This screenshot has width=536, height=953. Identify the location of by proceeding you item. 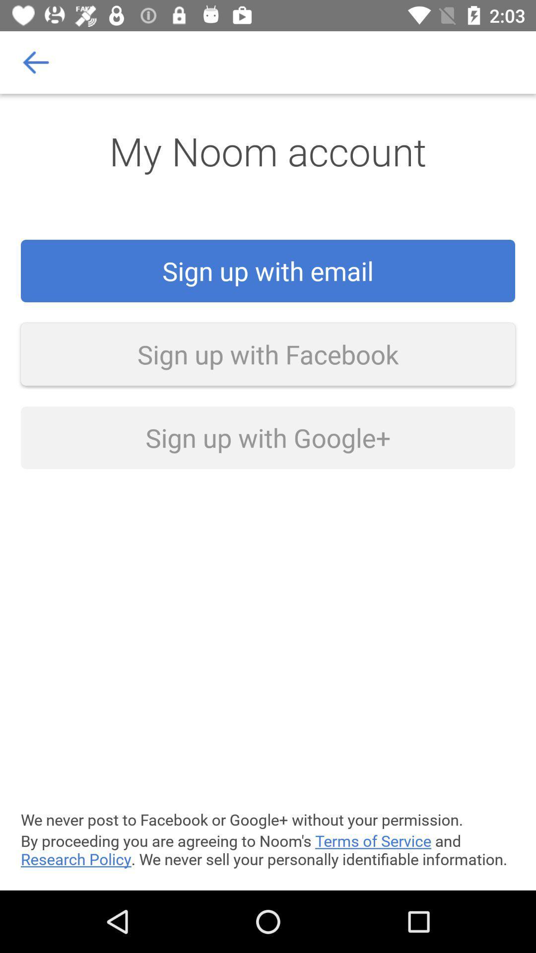
(268, 849).